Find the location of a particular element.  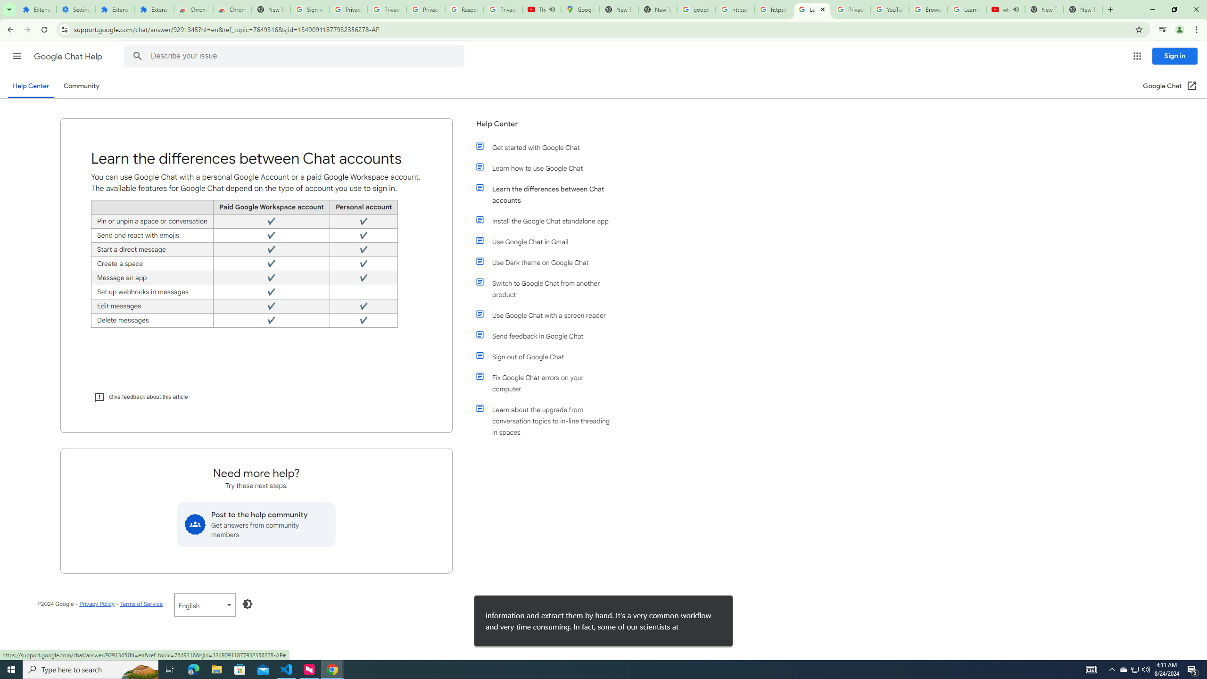

'Google Chat Help' is located at coordinates (68, 56).